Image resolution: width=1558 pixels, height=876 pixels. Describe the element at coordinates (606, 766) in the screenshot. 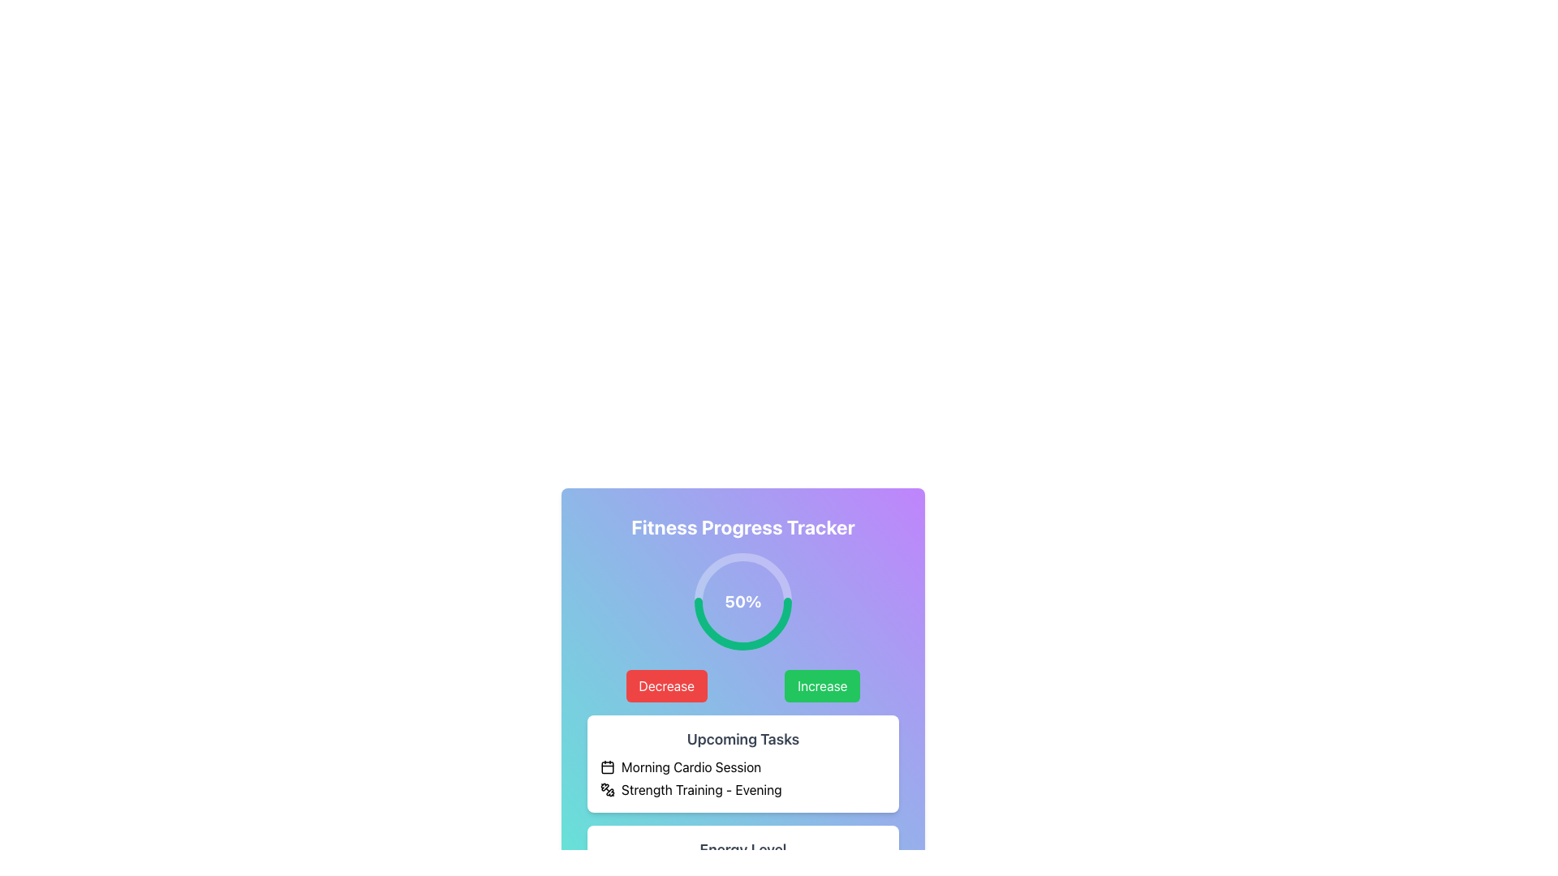

I see `the calendar icon associated with the 'Morning Cardio Session' text in the 'Upcoming Tasks' section` at that location.